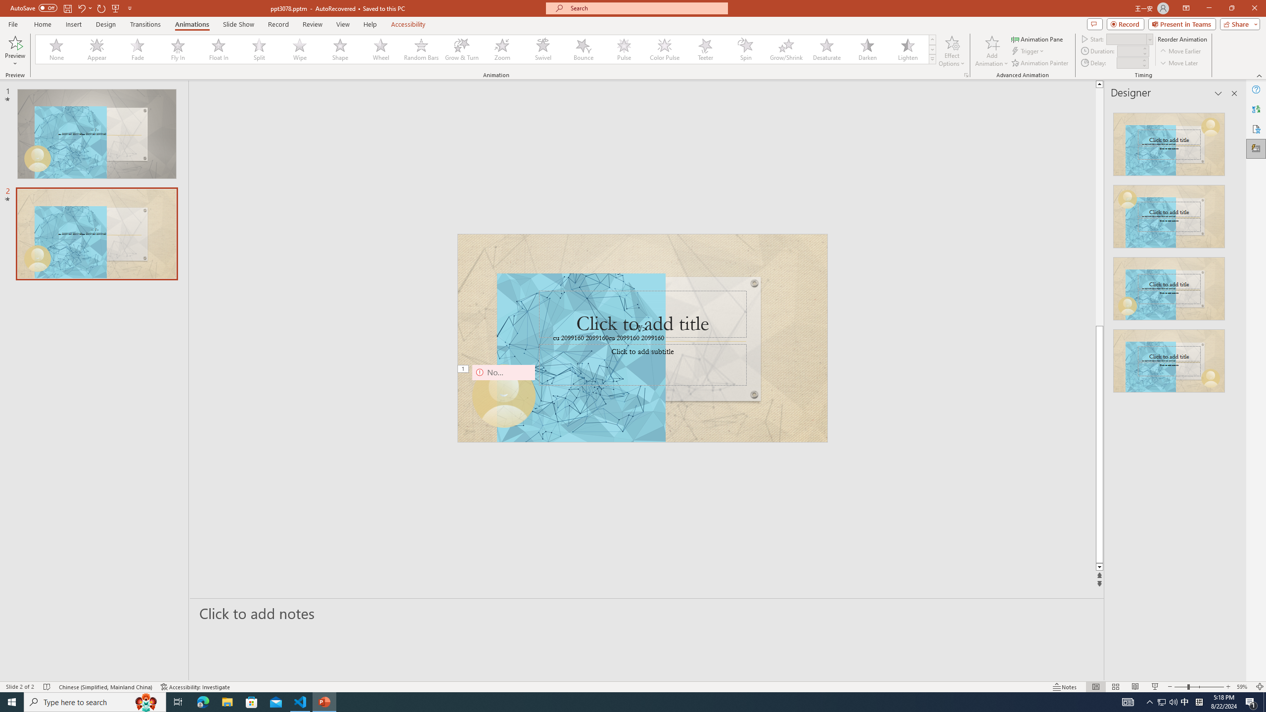 The width and height of the screenshot is (1266, 712). Describe the element at coordinates (1180, 51) in the screenshot. I see `'Move Earlier'` at that location.